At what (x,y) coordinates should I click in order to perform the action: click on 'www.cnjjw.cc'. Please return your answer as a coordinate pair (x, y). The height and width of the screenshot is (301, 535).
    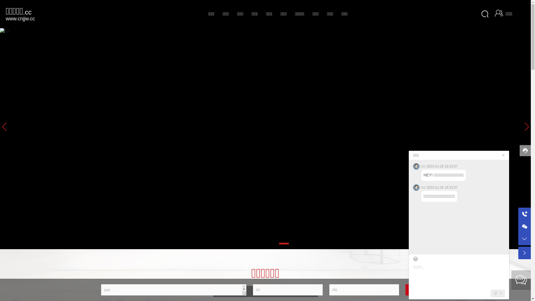
    Looking at the image, I should click on (20, 18).